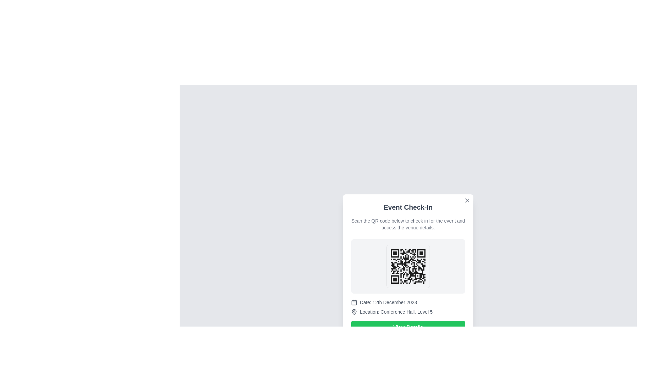 This screenshot has width=652, height=367. What do you see at coordinates (396, 312) in the screenshot?
I see `text element displaying the venue details for the event, located to the right of the location pin icon, centrally positioned below the date information and above the action button` at bounding box center [396, 312].